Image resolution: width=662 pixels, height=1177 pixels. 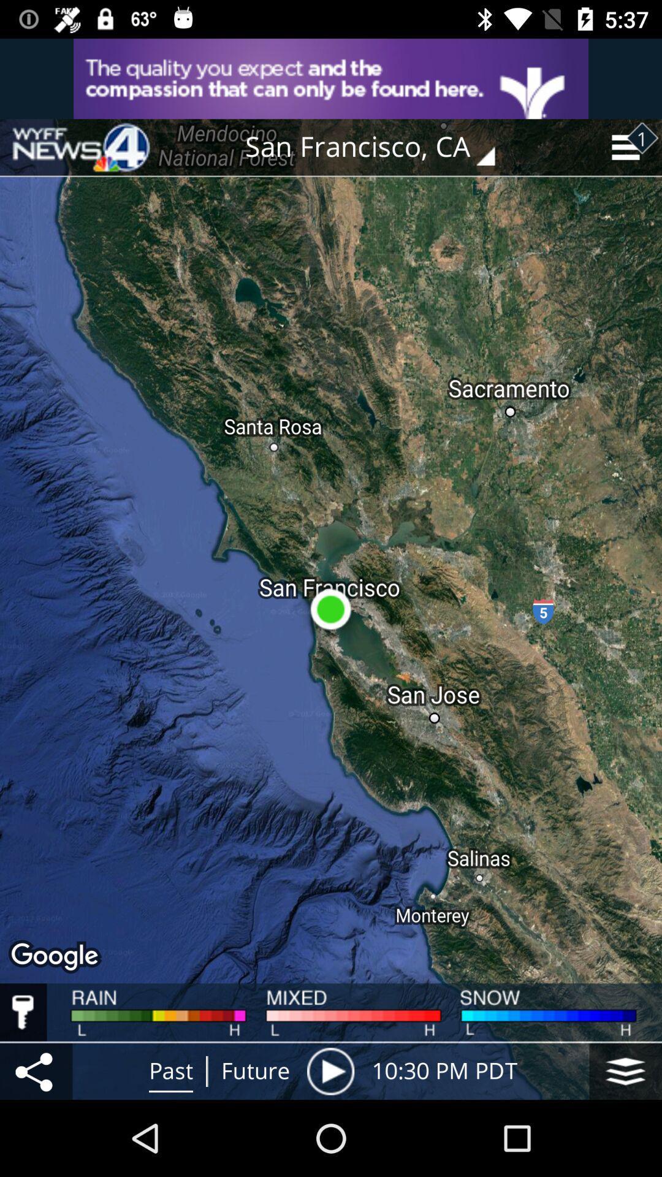 What do you see at coordinates (625, 1070) in the screenshot?
I see `the layers icon` at bounding box center [625, 1070].